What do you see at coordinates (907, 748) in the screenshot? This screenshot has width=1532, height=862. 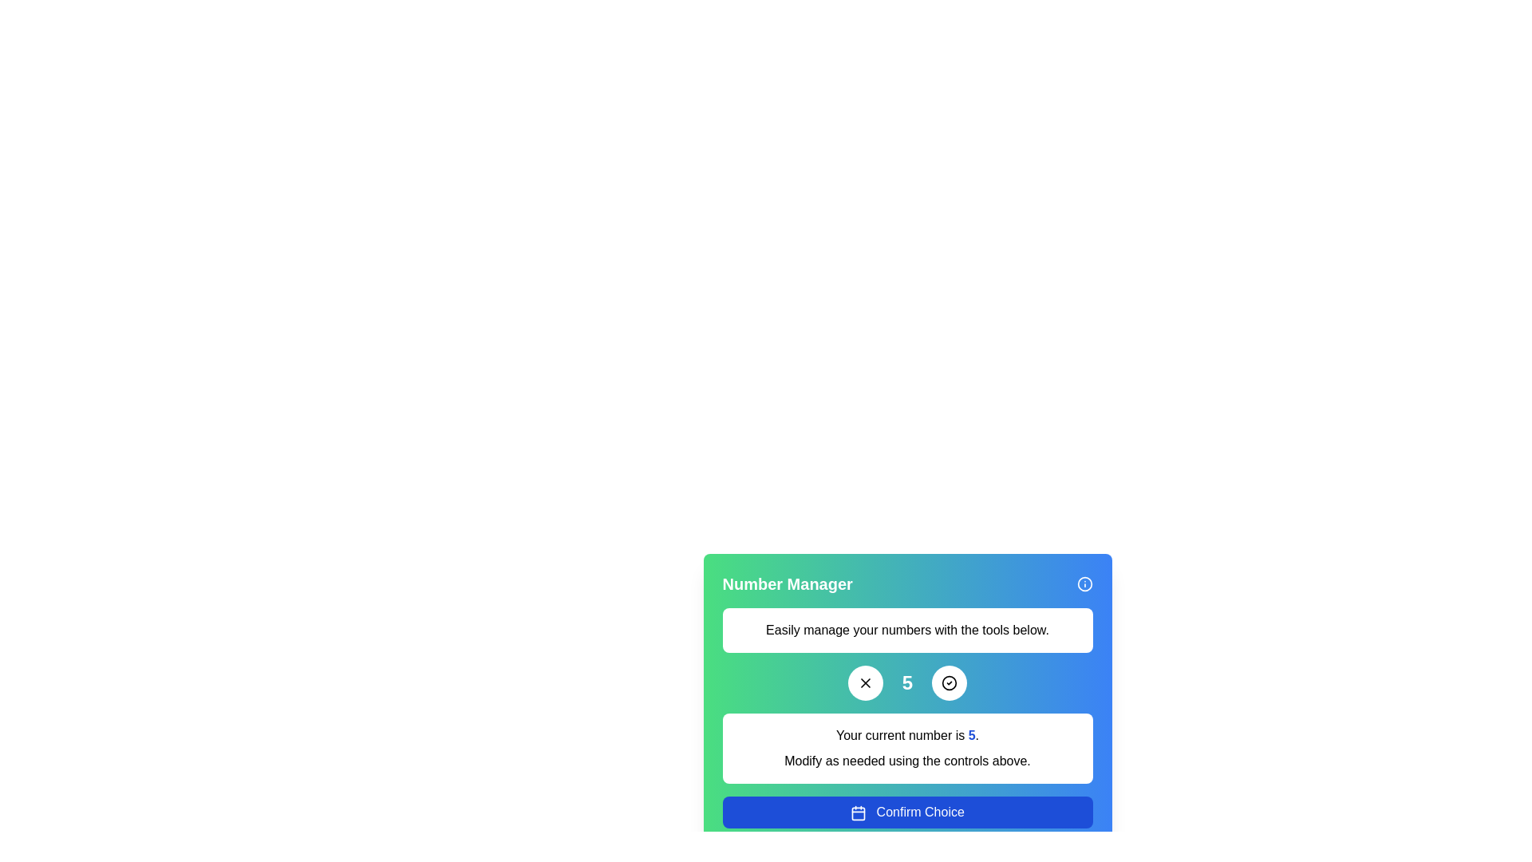 I see `the Informational text section that displays context information to the user, located below the numeric control section within the card` at bounding box center [907, 748].